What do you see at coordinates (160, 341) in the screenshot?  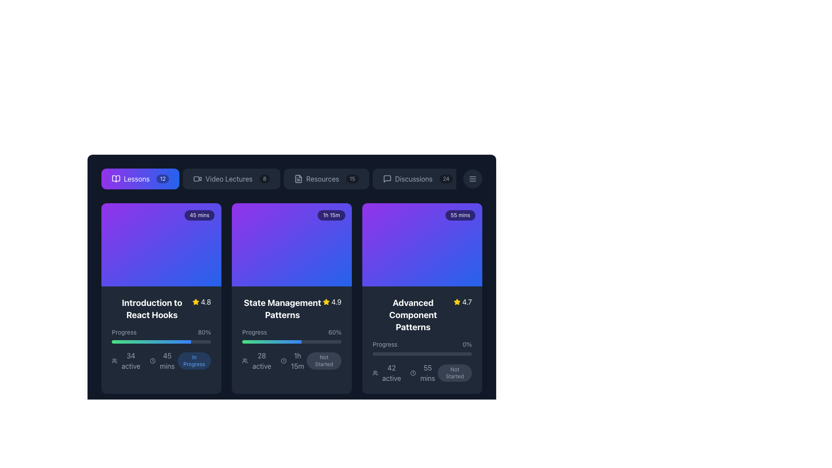 I see `progress` at bounding box center [160, 341].